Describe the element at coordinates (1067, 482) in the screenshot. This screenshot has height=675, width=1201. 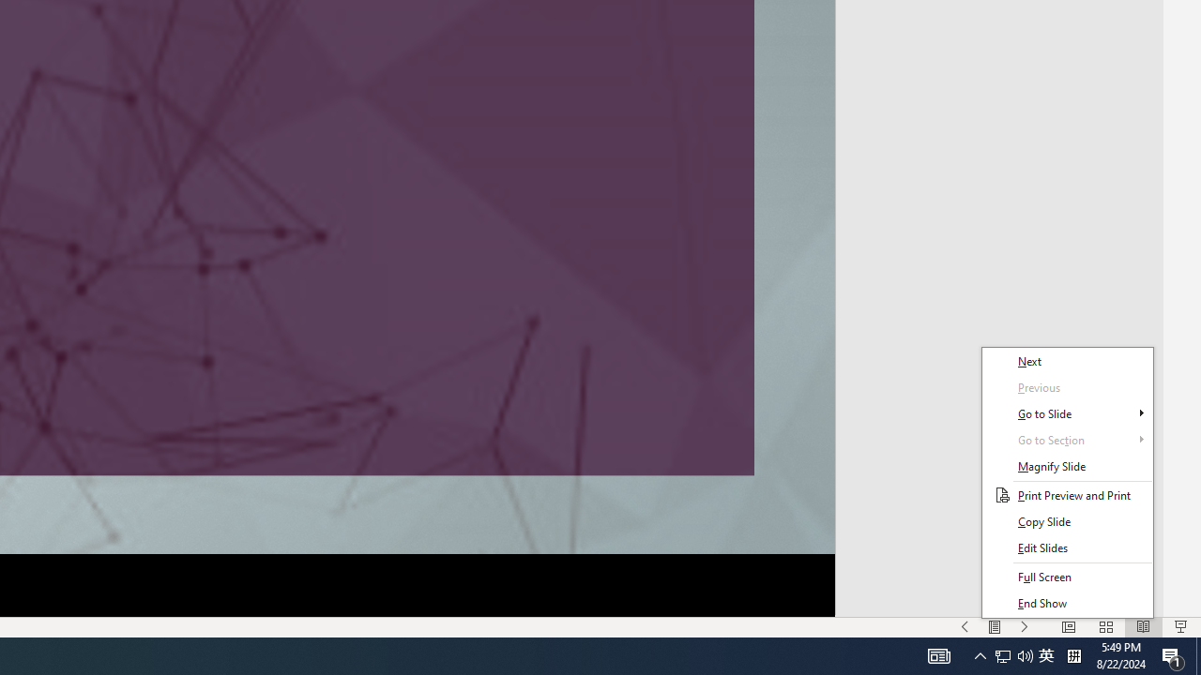
I see `'Context Menu'` at that location.